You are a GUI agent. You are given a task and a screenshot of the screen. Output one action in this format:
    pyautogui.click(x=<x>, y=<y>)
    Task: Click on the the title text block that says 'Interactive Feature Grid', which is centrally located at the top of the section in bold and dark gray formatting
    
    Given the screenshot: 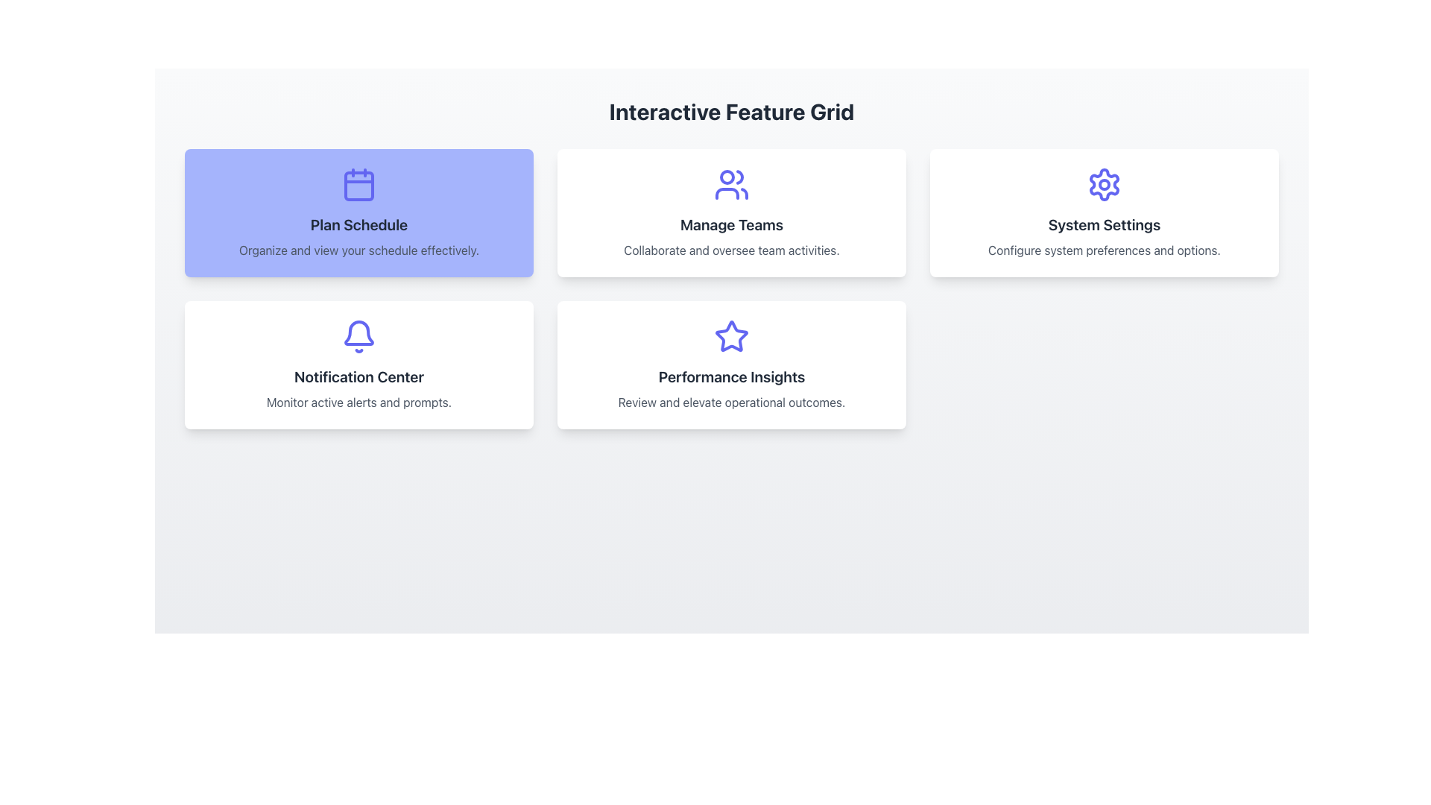 What is the action you would take?
    pyautogui.click(x=732, y=111)
    